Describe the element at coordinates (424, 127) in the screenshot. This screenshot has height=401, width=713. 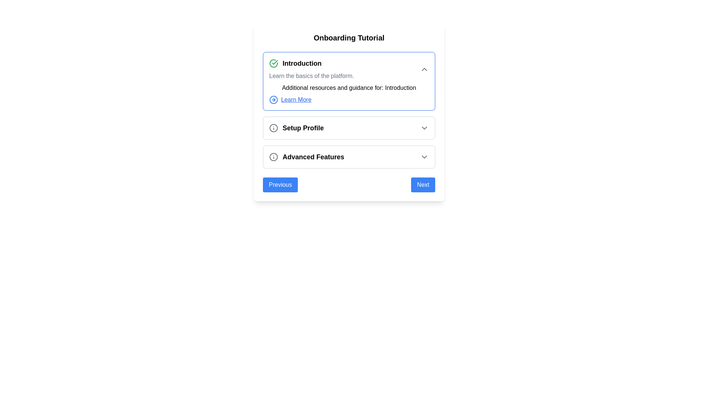
I see `the Chevron Down icon located at the far-right end of the 'Setup Profile' section` at that location.